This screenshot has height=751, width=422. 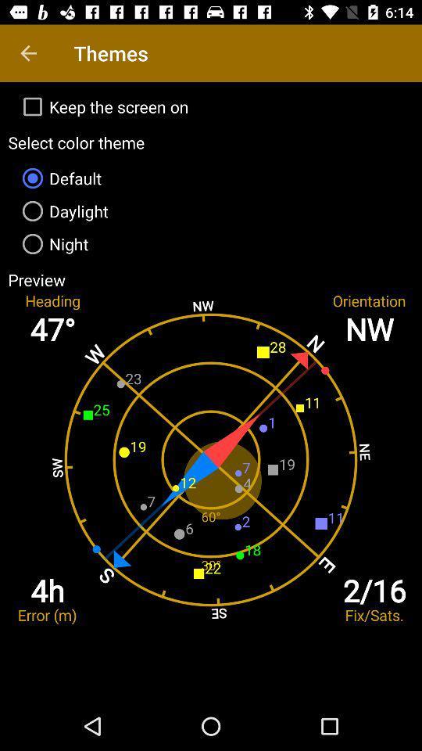 What do you see at coordinates (28, 53) in the screenshot?
I see `icon to the left of the themes item` at bounding box center [28, 53].